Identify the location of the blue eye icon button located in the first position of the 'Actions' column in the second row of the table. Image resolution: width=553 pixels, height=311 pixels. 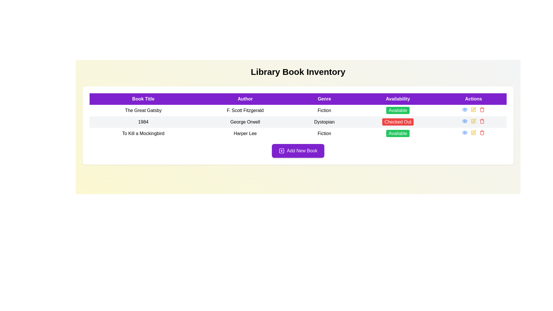
(465, 121).